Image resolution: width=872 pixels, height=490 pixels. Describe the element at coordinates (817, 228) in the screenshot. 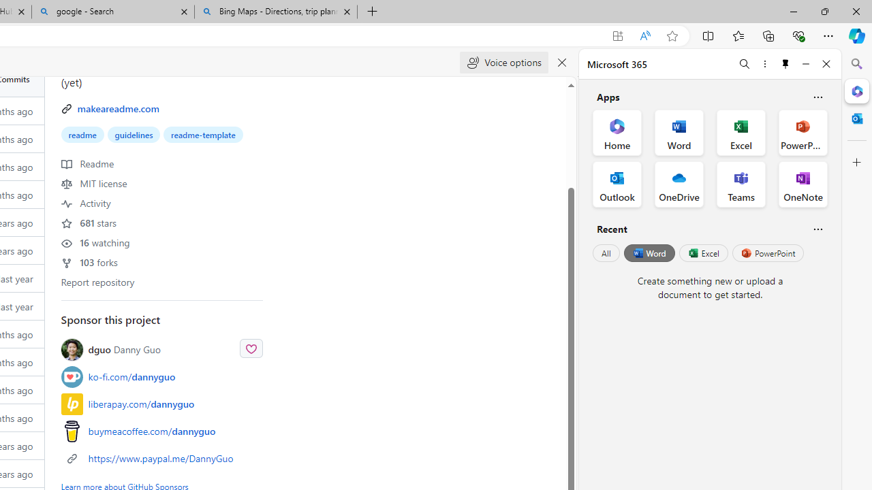

I see `'Is this helpful?'` at that location.